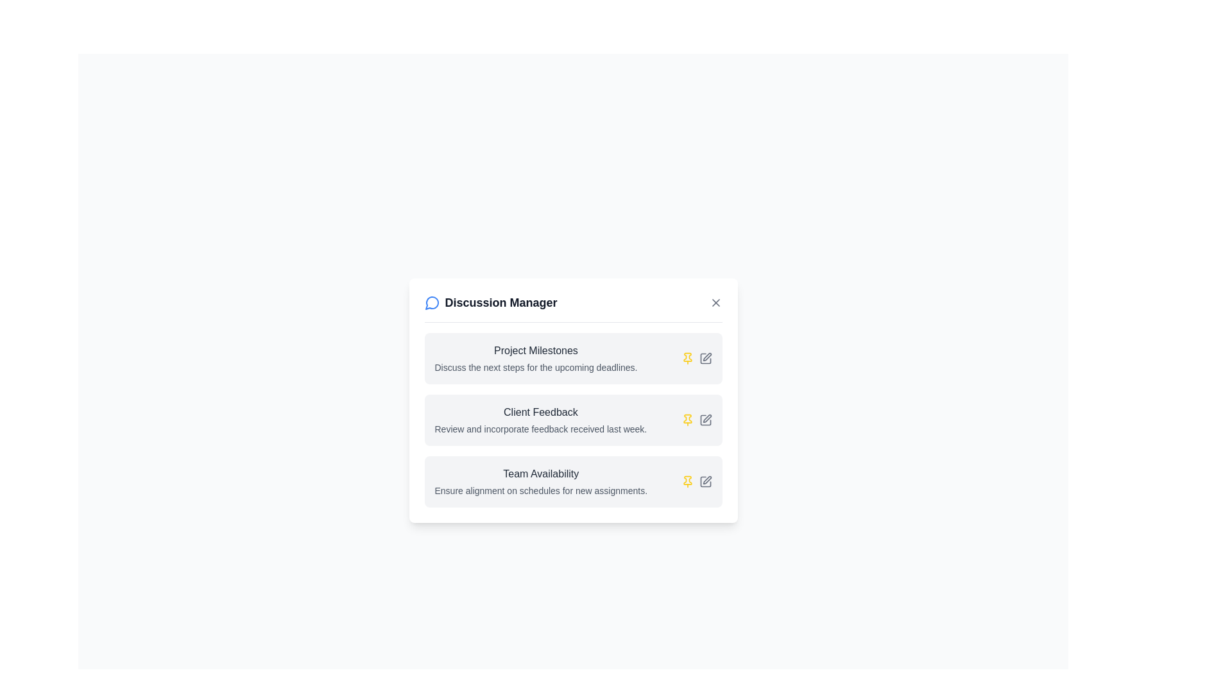  What do you see at coordinates (706, 418) in the screenshot?
I see `the pencil icon in the 'Client Feedback' section of the 'Discussion Manager' dialog box, which is styled with thin strokes and corners and turns blue on hover` at bounding box center [706, 418].